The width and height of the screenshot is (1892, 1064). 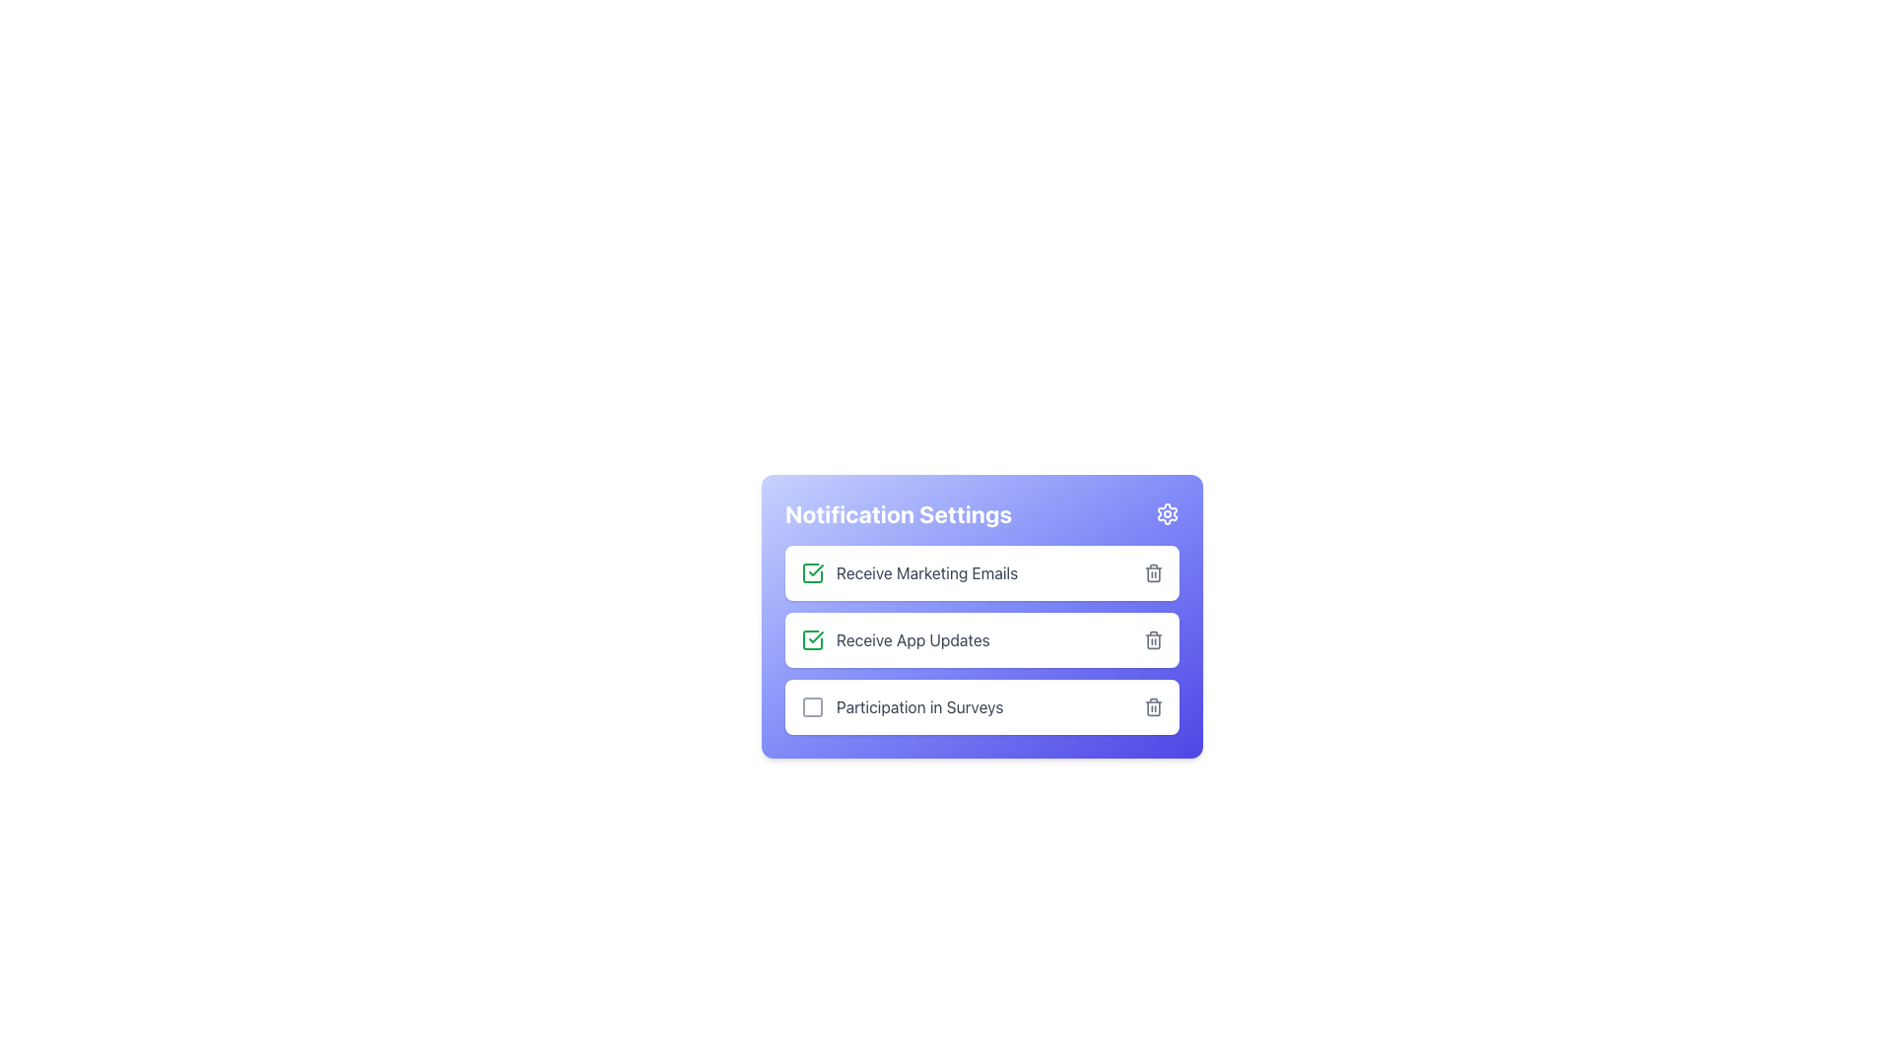 I want to click on the check icon, so click(x=813, y=573).